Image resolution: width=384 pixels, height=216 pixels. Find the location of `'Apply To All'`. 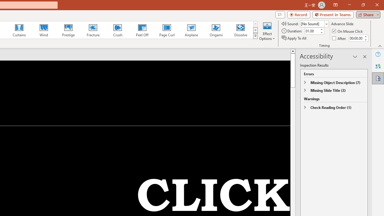

'Apply To All' is located at coordinates (294, 38).